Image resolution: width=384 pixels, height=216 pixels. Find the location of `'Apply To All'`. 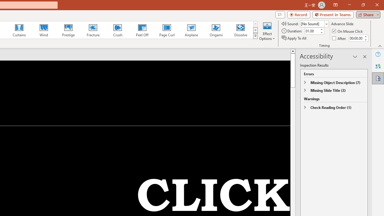

'Apply To All' is located at coordinates (294, 38).